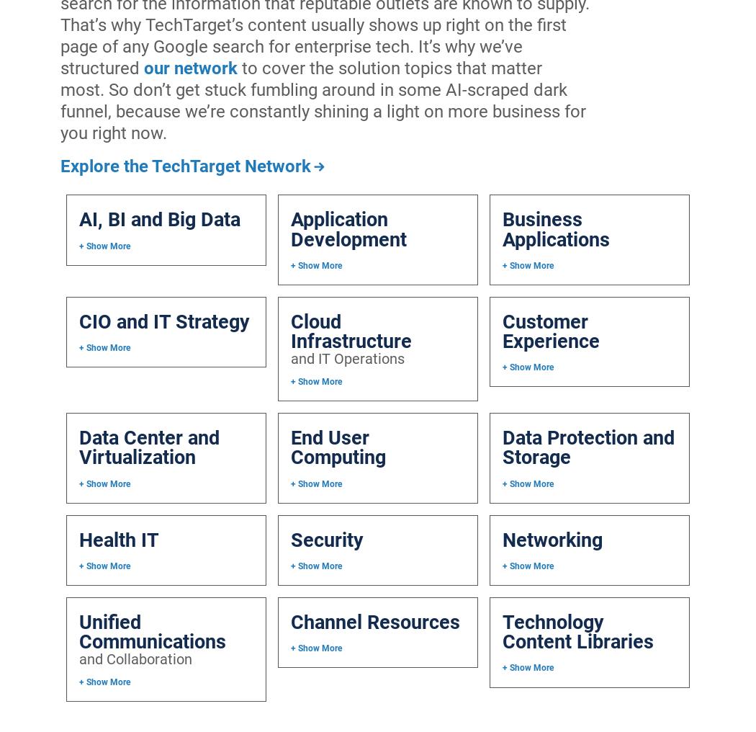 This screenshot has width=756, height=732. Describe the element at coordinates (552, 539) in the screenshot. I see `'Networking'` at that location.